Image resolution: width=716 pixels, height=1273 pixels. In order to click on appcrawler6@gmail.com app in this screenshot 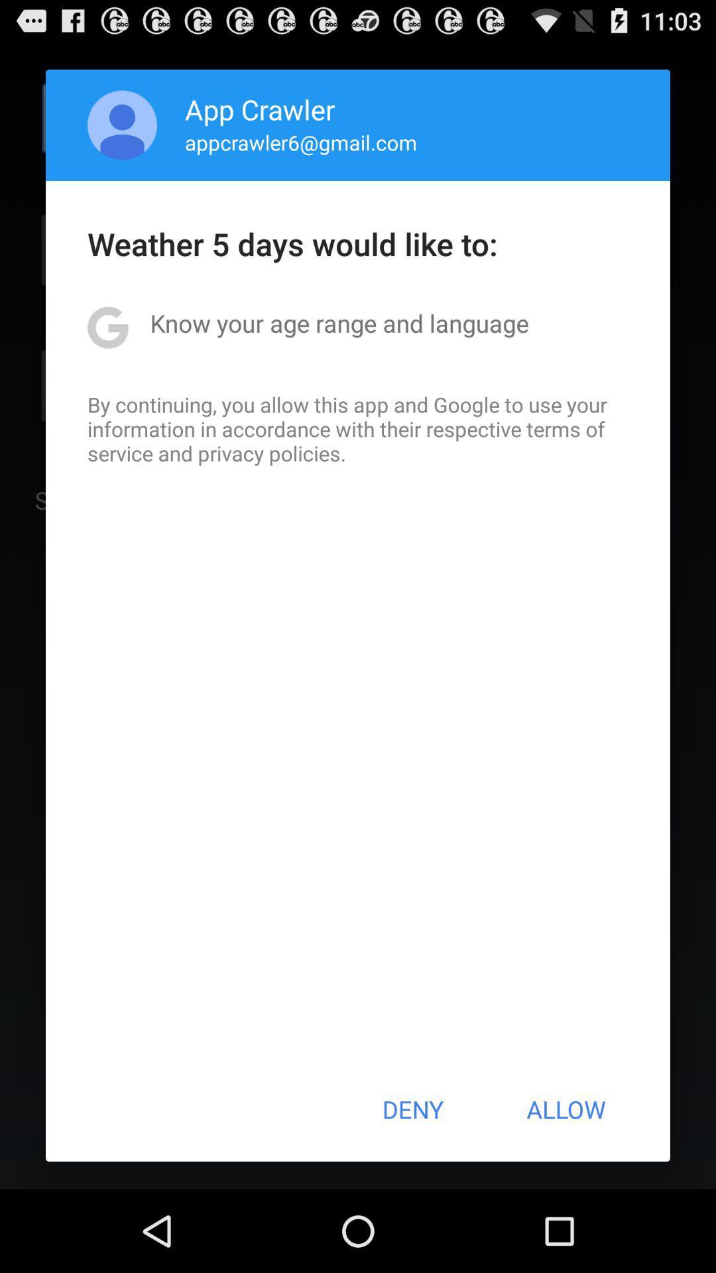, I will do `click(301, 142)`.